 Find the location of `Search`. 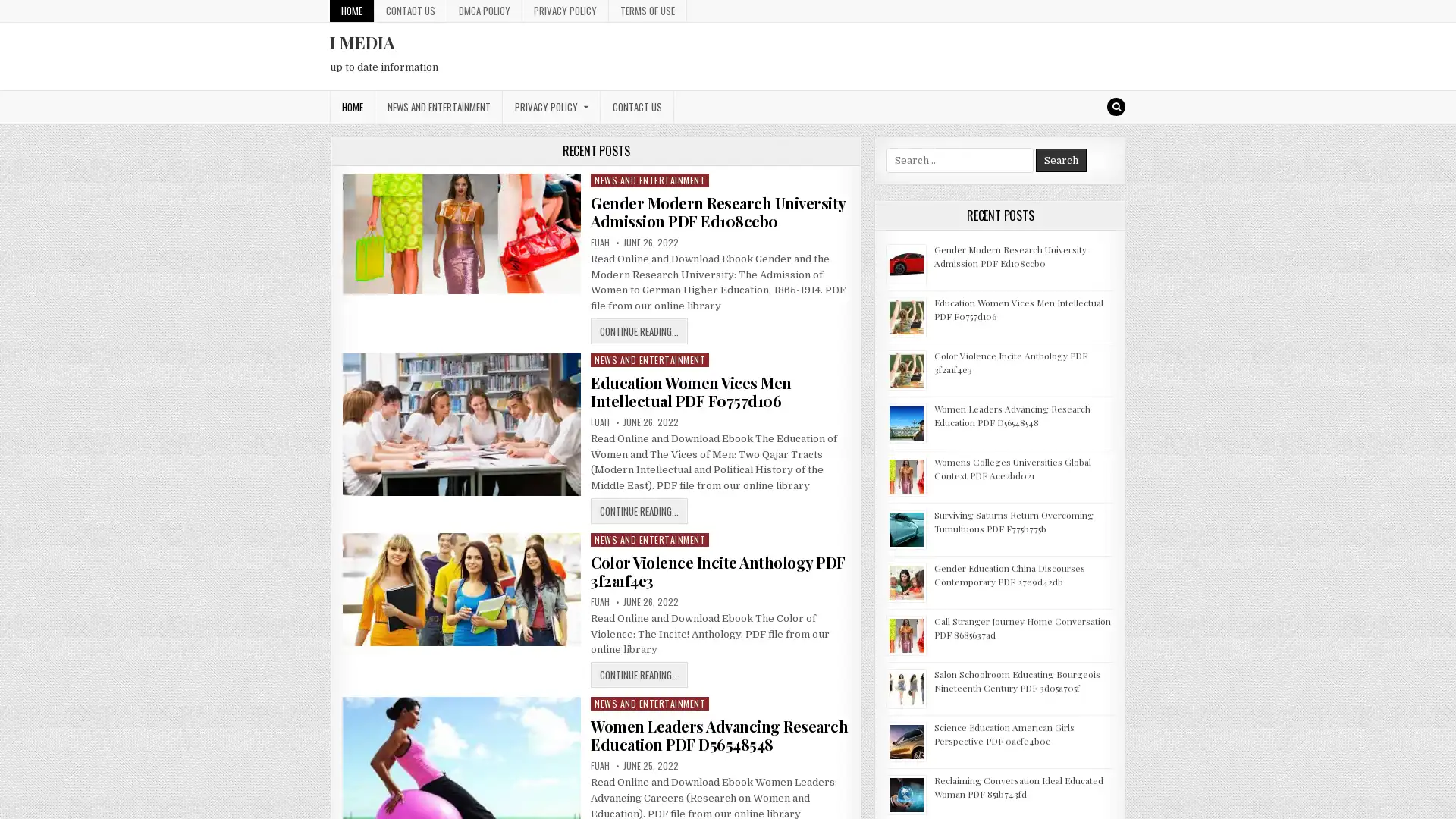

Search is located at coordinates (1060, 160).